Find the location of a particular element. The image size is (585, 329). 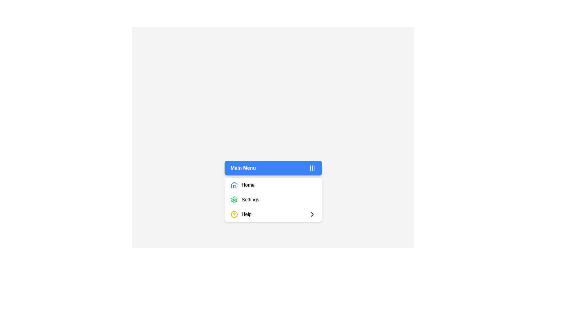

the 'Settings' text label, which is located beside a green gear icon in the second item of the vertical list-style menu under the 'Main Menu' is located at coordinates (250, 200).